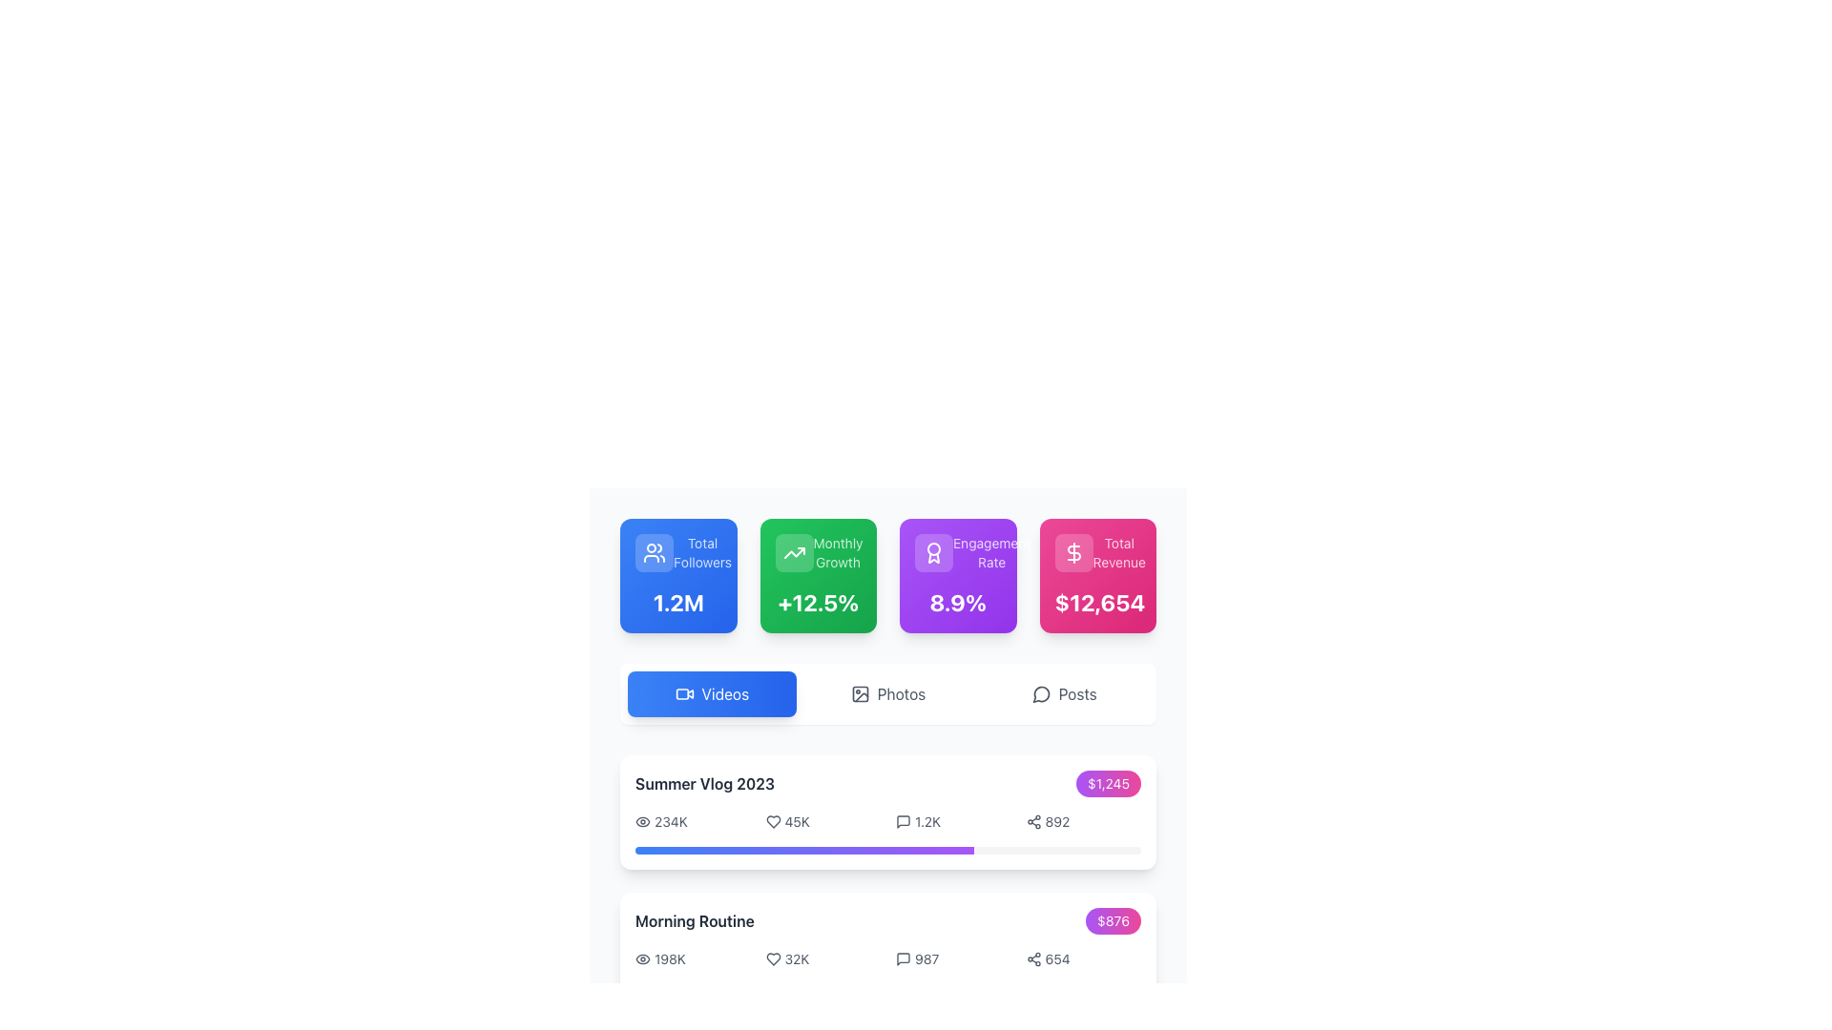 The width and height of the screenshot is (1832, 1030). I want to click on the first informational card displaying the total followers statistic of 1.2 million in the top-left of a four-card grid layout, so click(678, 575).